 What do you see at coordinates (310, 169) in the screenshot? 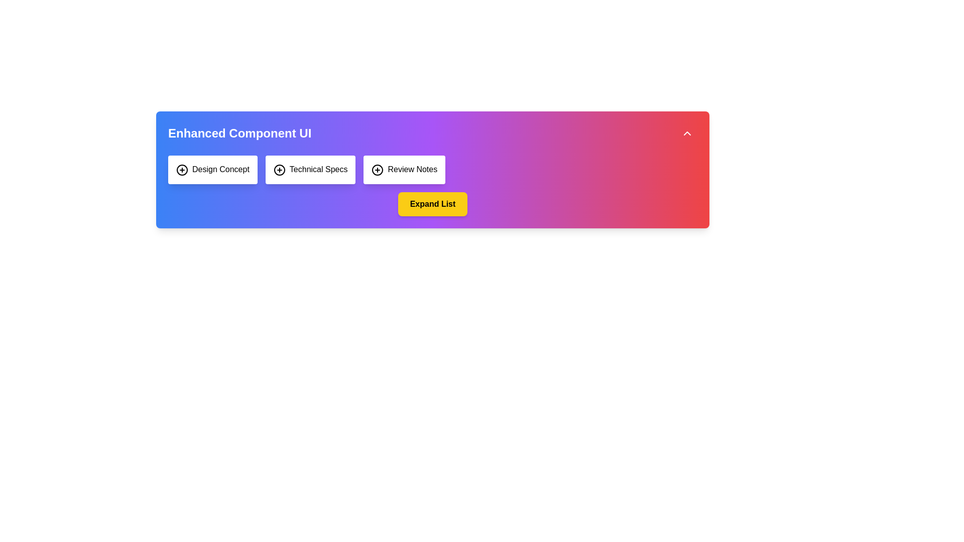
I see `the 'Technical Specs' button, which is a rectangular button with a white background and black text, located centrally between 'Design Concept' and 'Review Notes'` at bounding box center [310, 169].